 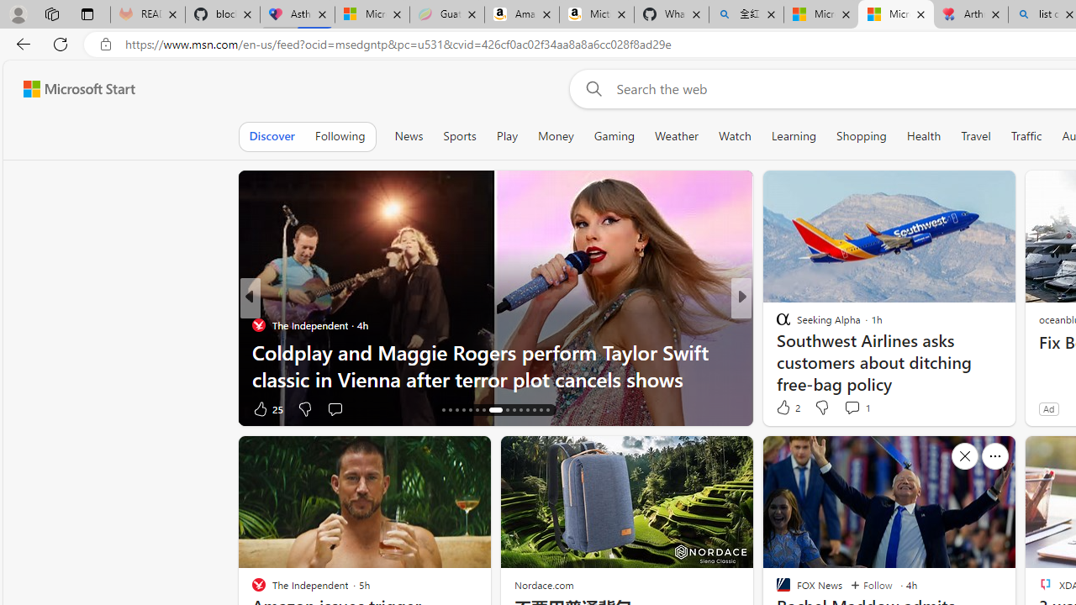 I want to click on 'View comments 3 Comment', so click(x=852, y=408).